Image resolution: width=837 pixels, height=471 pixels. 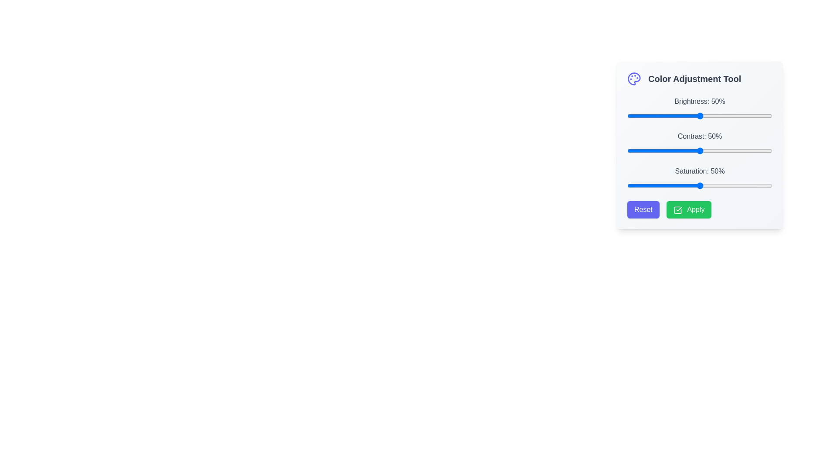 I want to click on the illustrative icon representing the 'Color Adjustment Tool' located to the left of the text label, so click(x=634, y=79).